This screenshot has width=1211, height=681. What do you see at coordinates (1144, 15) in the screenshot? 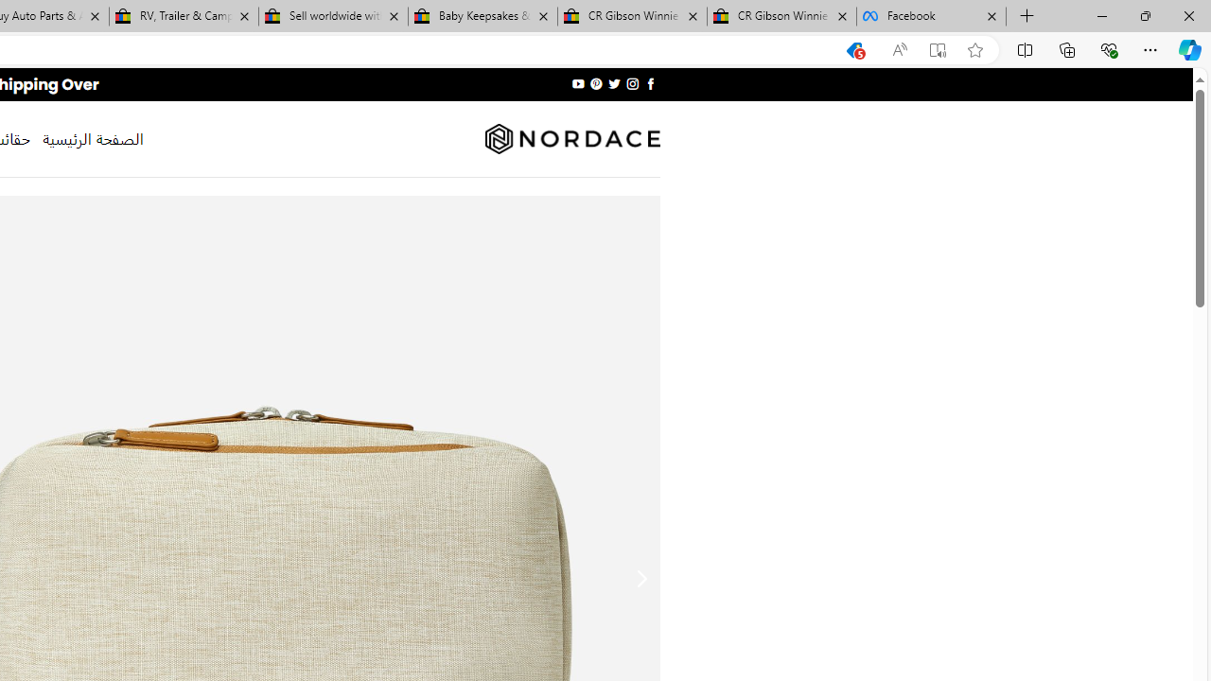
I see `'Restore'` at bounding box center [1144, 15].